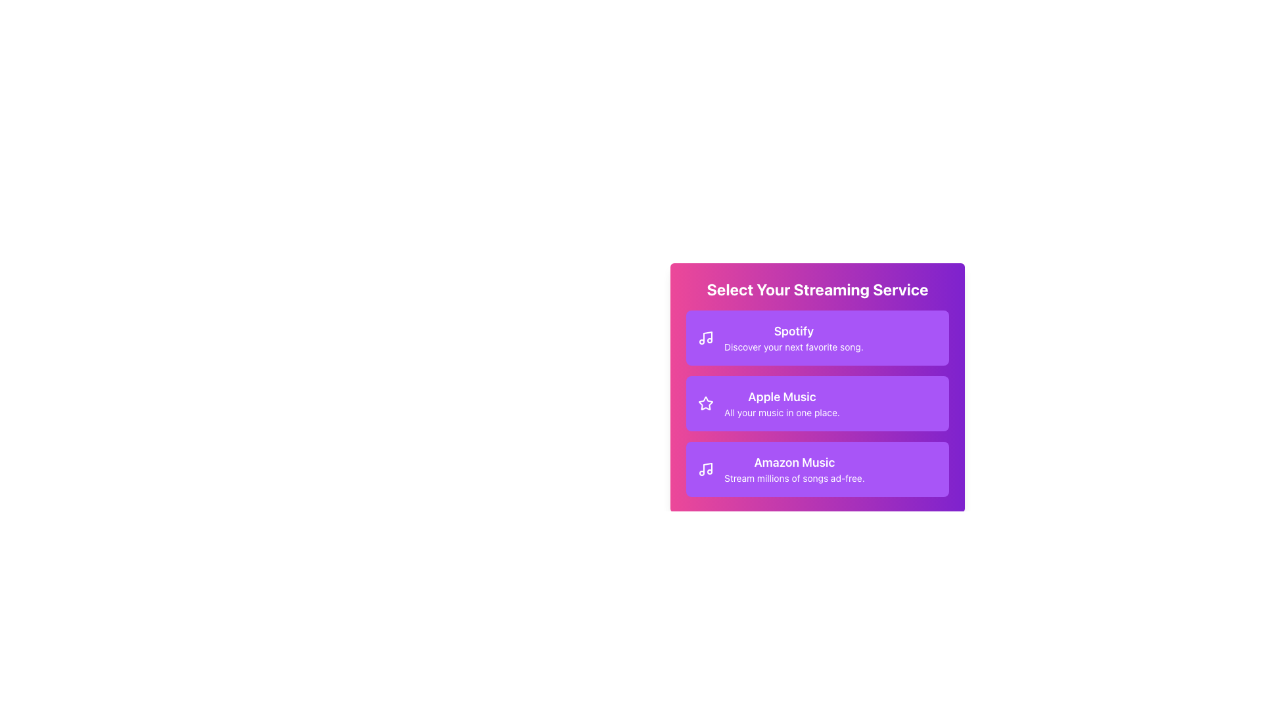 Image resolution: width=1262 pixels, height=709 pixels. Describe the element at coordinates (816, 402) in the screenshot. I see `the 'Apple Music' button, which is the second card within a vertical list of three options in the 'Select Your Streaming Service' section` at that location.